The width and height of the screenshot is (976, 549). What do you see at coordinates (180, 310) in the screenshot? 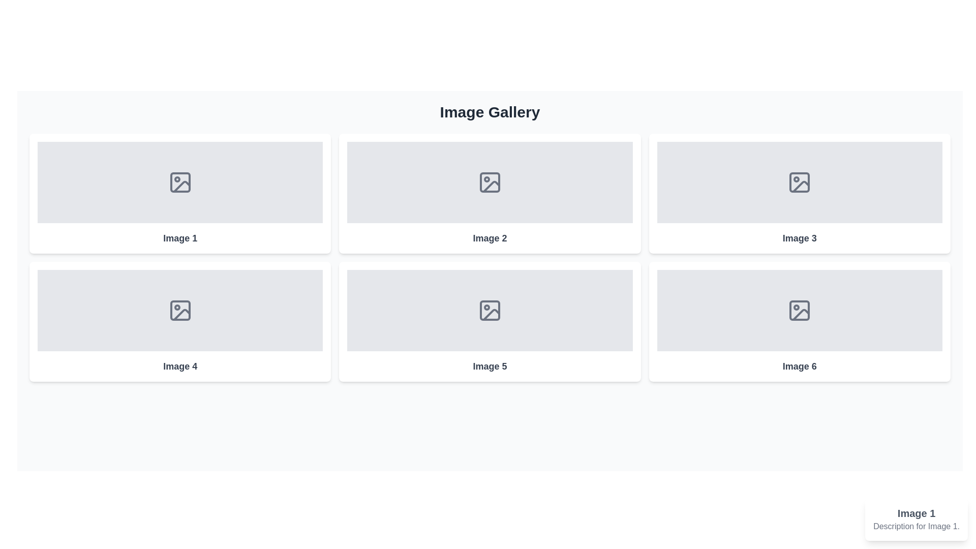
I see `the Decorative Background element located in the fourth image of a six-item grid, which serves as a decorative context for the icon` at bounding box center [180, 310].